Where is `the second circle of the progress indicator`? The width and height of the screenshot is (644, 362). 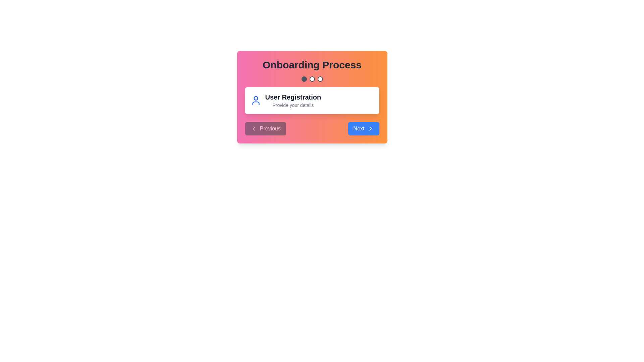
the second circle of the progress indicator is located at coordinates (312, 78).